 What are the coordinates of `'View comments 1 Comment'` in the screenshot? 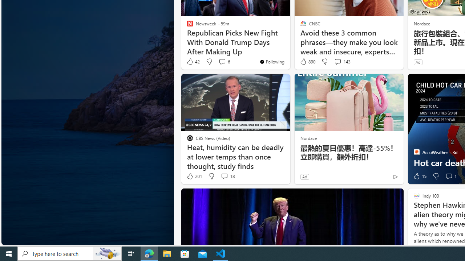 It's located at (448, 176).